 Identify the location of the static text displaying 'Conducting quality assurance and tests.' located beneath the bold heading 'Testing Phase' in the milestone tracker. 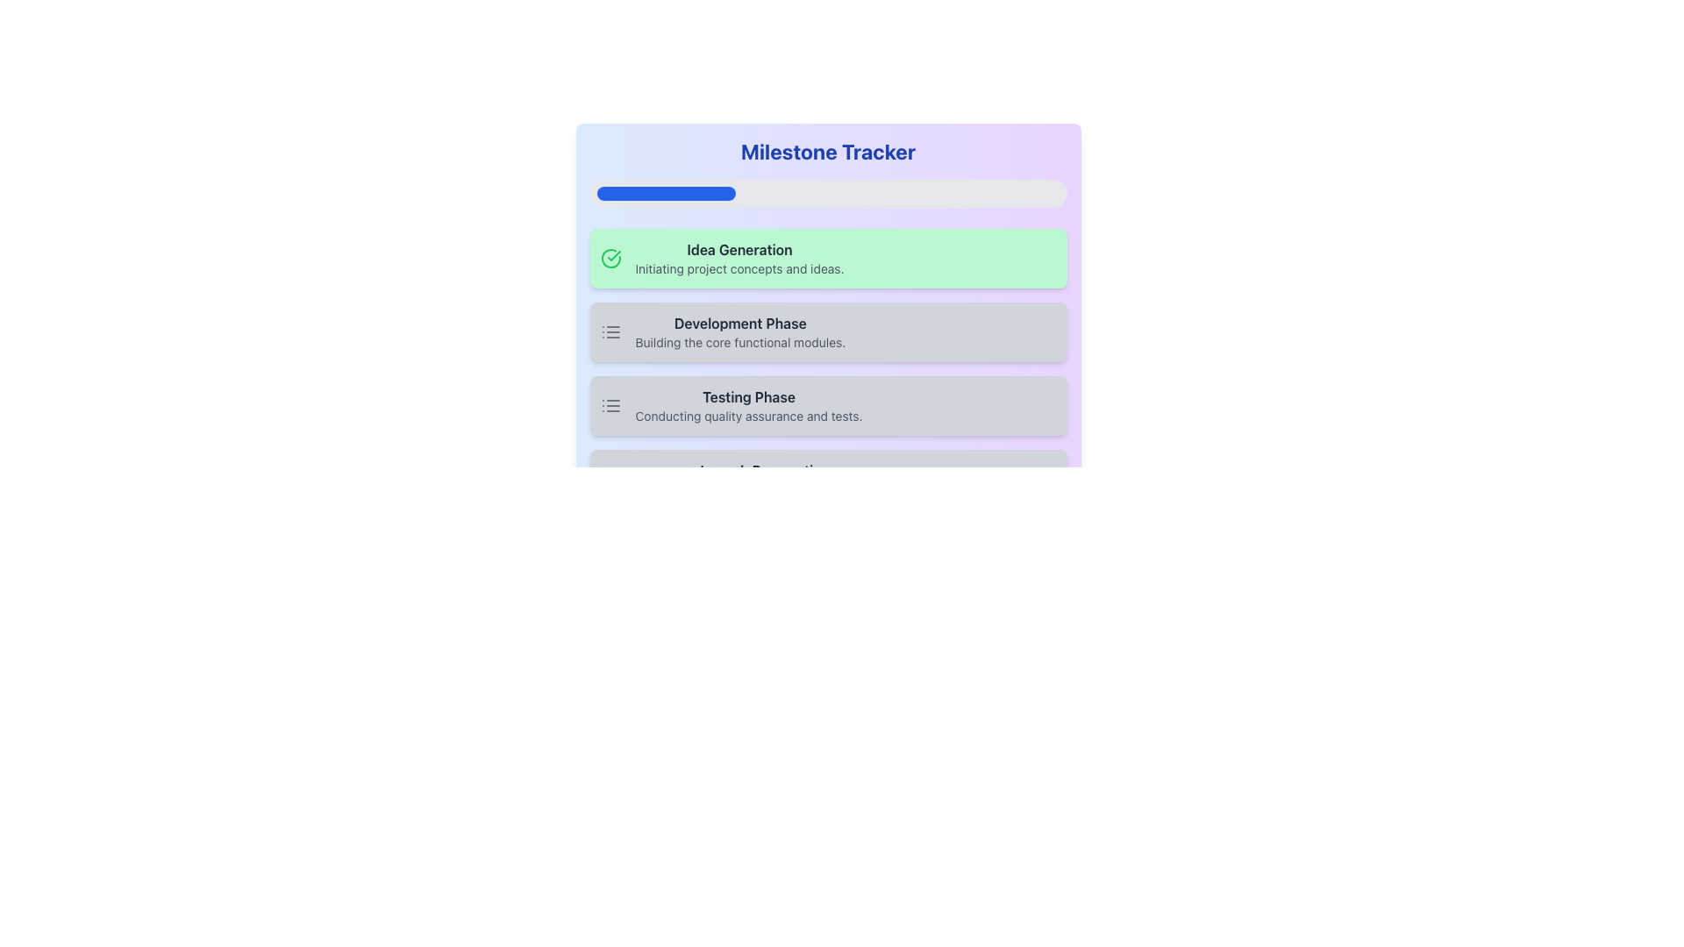
(749, 416).